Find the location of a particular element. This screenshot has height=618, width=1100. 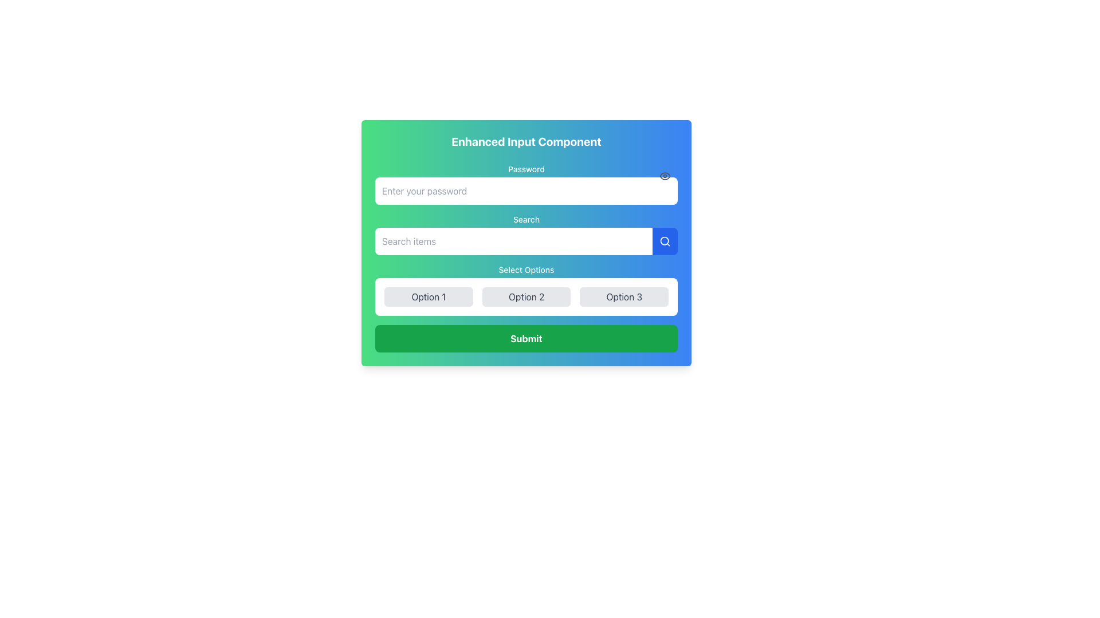

the circular graphical component that is part of the magnifying glass icon located to the right of the search input field is located at coordinates (665, 240).